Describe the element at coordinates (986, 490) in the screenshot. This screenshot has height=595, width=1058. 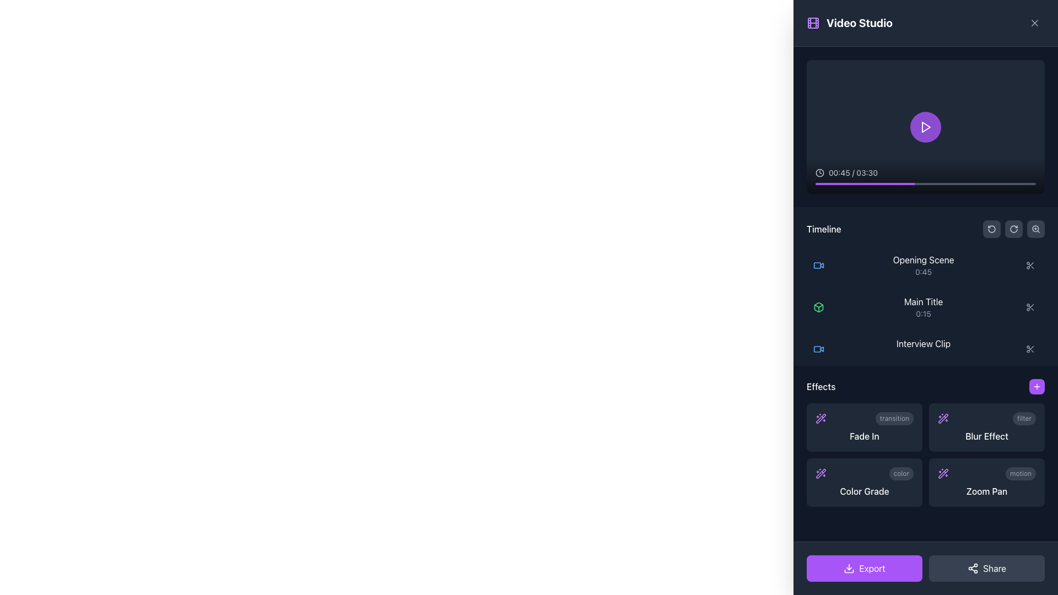
I see `the 'Zoom Pan' text label, which is styled in white font on a dark background, located in the bottom-right corner of the 'Effects' grid layout` at that location.